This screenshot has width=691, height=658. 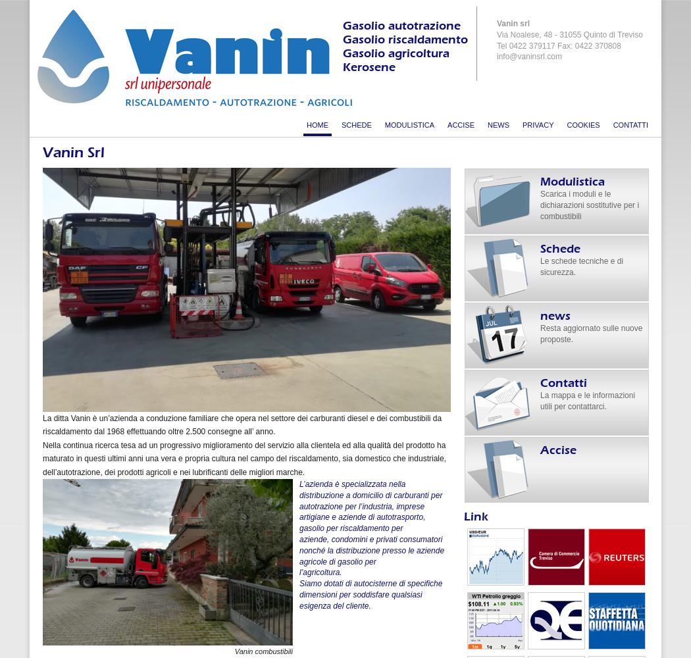 What do you see at coordinates (41, 152) in the screenshot?
I see `'Vanin Srl'` at bounding box center [41, 152].